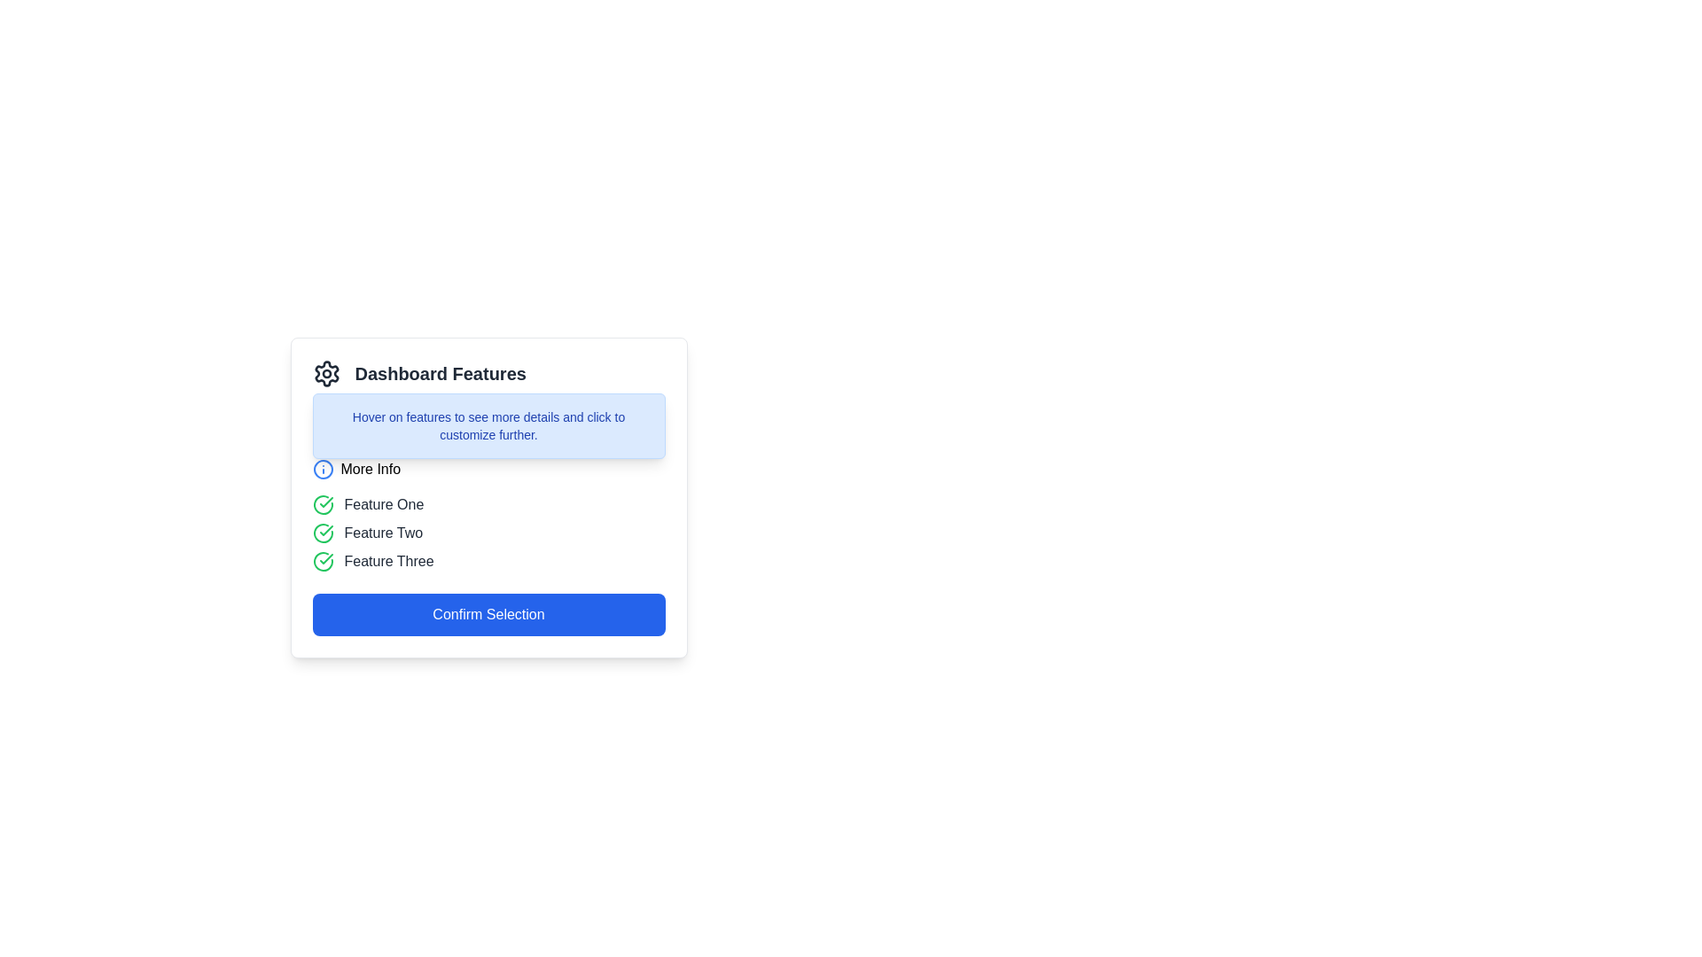  Describe the element at coordinates (323, 468) in the screenshot. I see `the informational icon located to the left of the 'More Info' text` at that location.